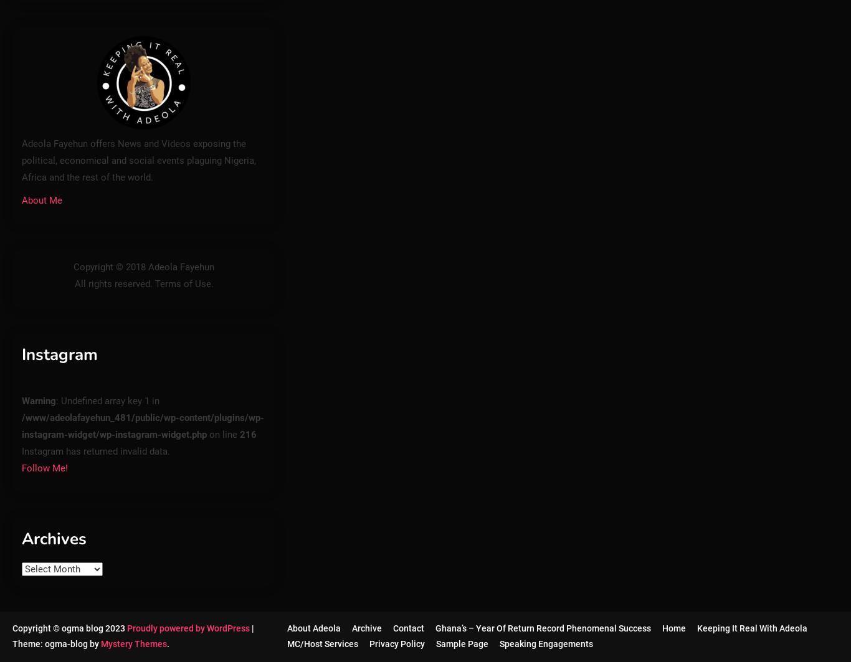  Describe the element at coordinates (133, 643) in the screenshot. I see `'Mystery Themes'` at that location.